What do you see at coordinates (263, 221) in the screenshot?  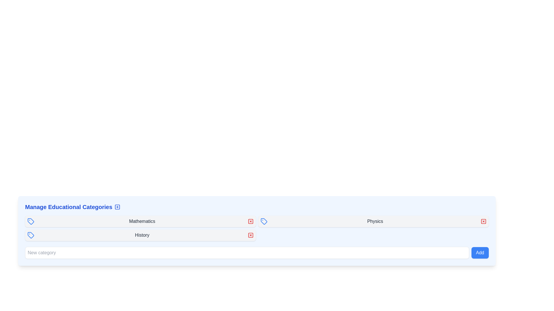 I see `the blue tag icon, which is located` at bounding box center [263, 221].